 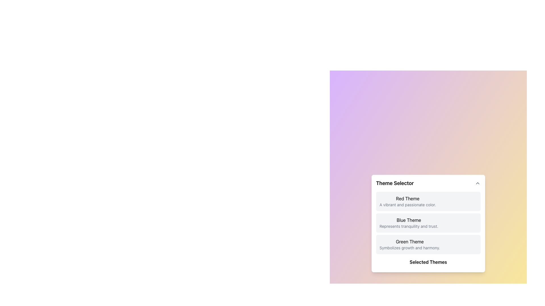 I want to click on the 'Blue Theme' selection option in the theme selection interface, so click(x=428, y=222).